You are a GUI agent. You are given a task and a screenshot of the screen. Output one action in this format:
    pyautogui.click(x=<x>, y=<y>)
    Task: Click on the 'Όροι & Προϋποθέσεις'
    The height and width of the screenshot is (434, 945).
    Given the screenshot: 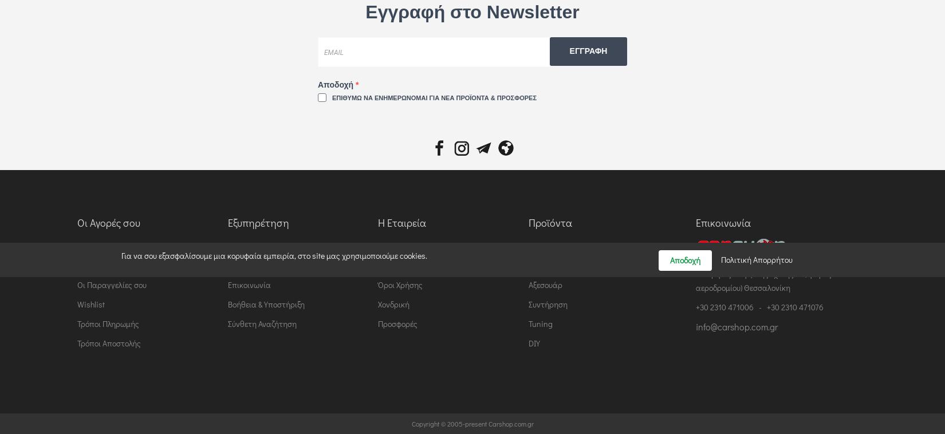 What is the action you would take?
    pyautogui.click(x=263, y=265)
    